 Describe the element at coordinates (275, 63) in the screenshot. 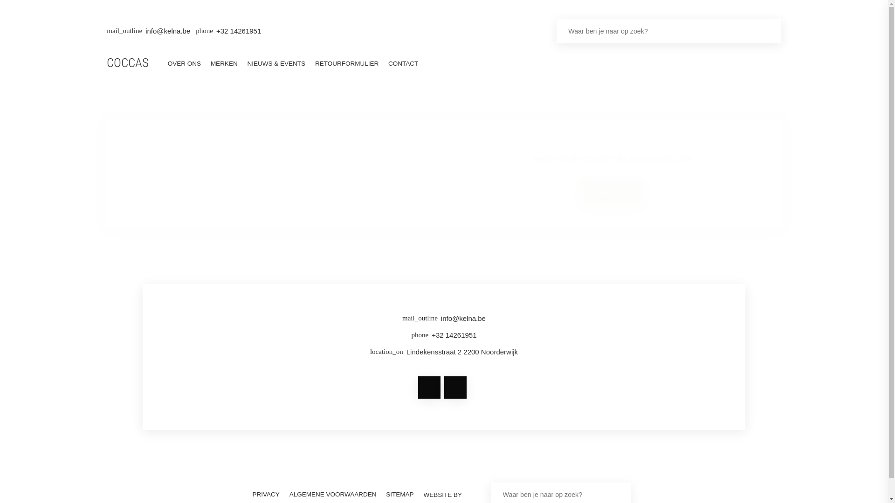

I see `'NIEUWS & EVENTS'` at that location.